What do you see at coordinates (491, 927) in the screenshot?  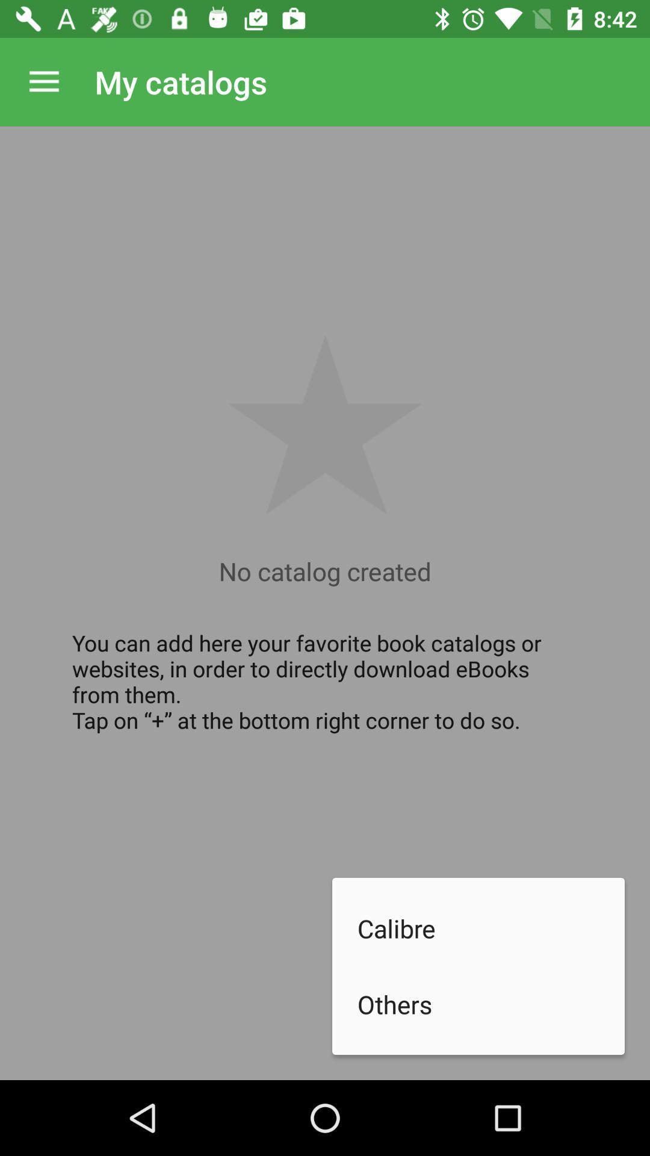 I see `item above the others icon` at bounding box center [491, 927].